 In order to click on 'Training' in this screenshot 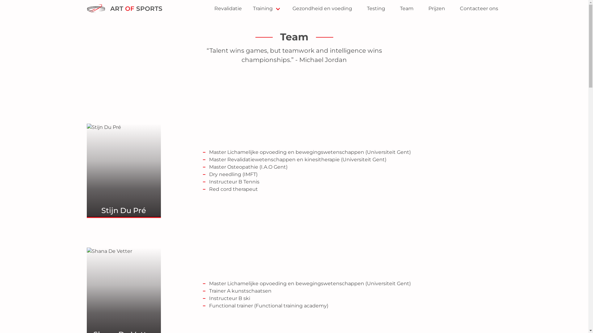, I will do `click(267, 8)`.